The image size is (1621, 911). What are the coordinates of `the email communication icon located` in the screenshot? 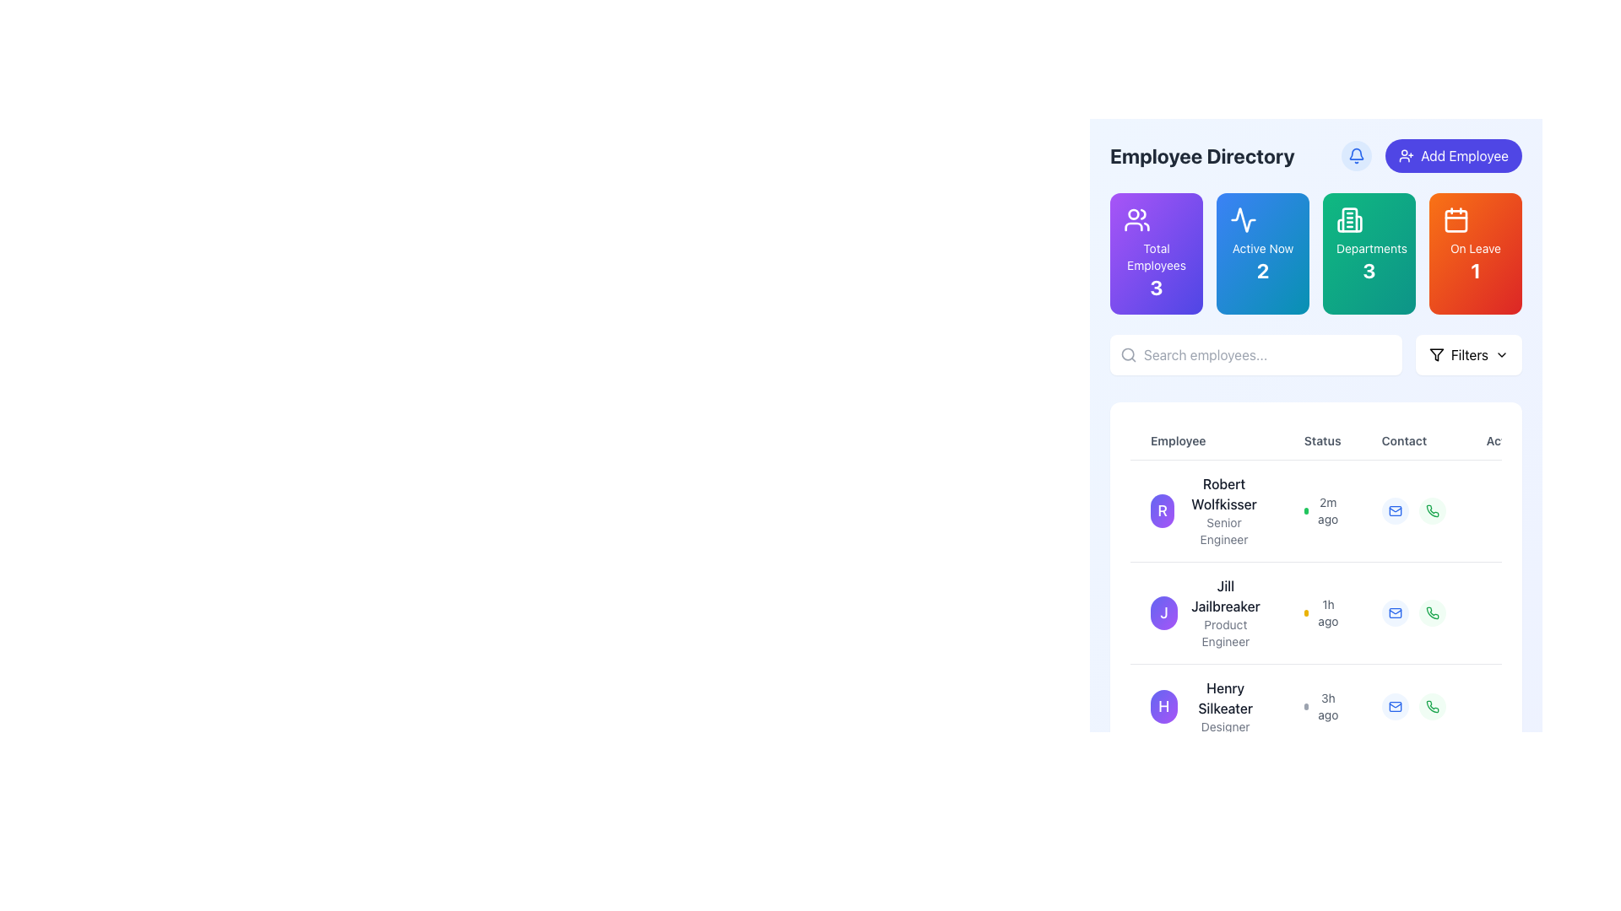 It's located at (1394, 706).